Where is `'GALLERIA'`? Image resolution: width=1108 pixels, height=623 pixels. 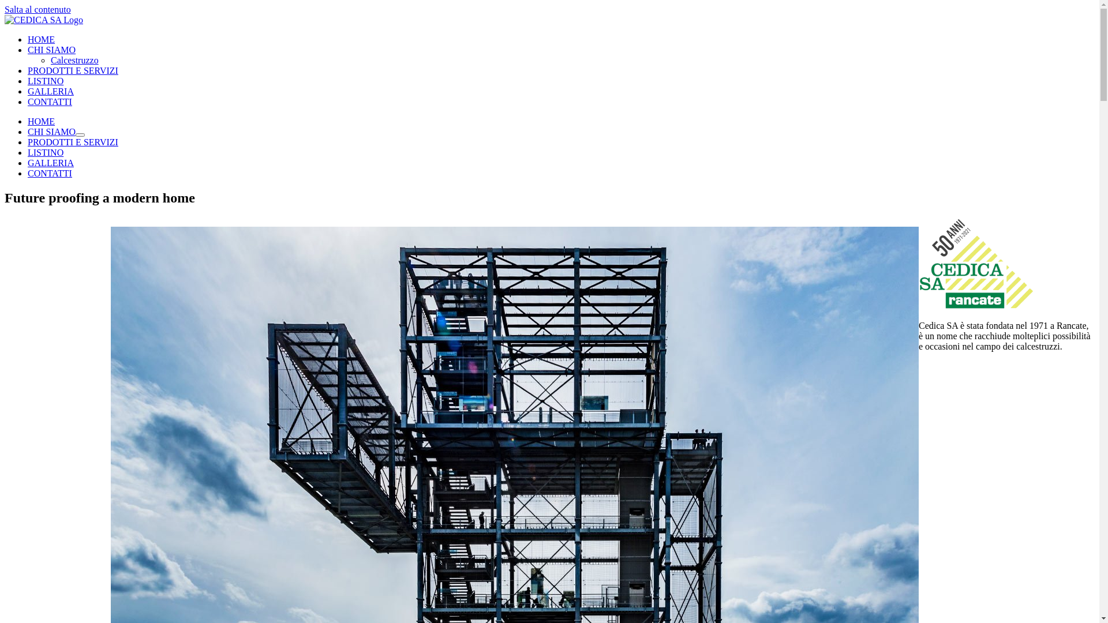 'GALLERIA' is located at coordinates (50, 91).